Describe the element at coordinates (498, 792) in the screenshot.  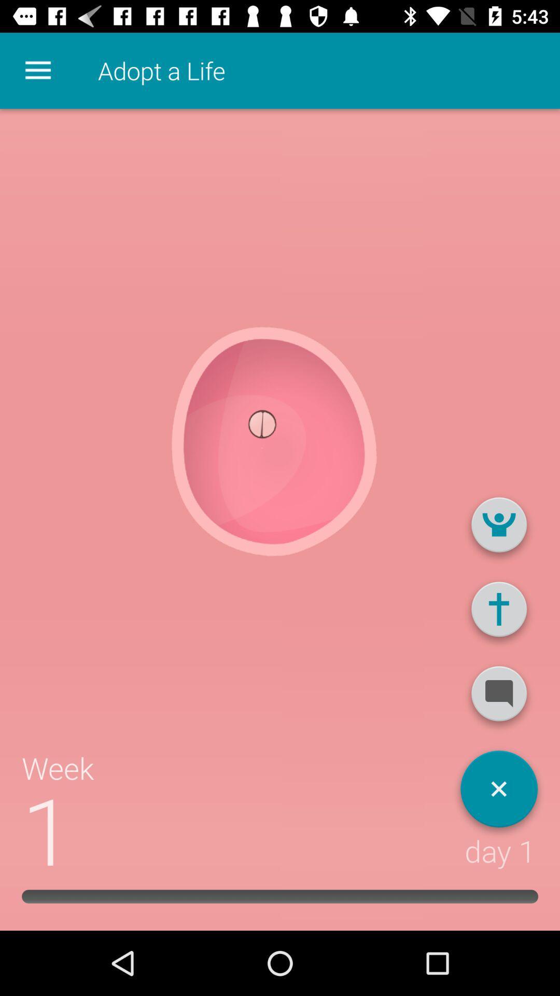
I see `close` at that location.